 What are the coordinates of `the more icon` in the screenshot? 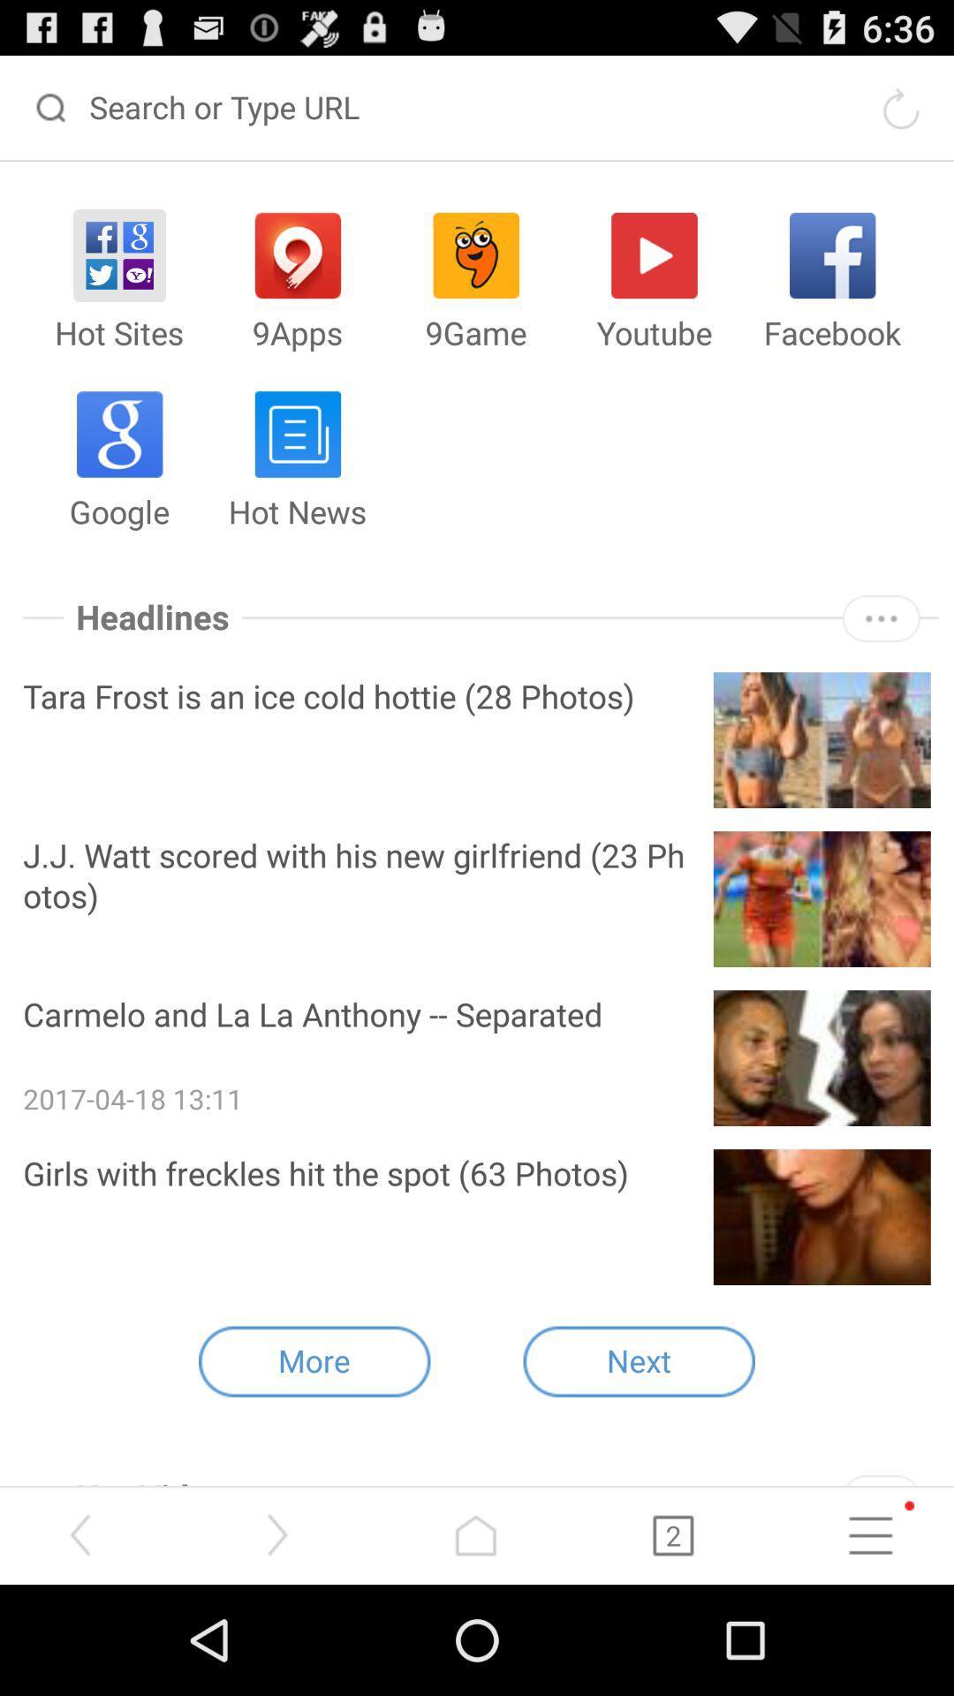 It's located at (881, 661).